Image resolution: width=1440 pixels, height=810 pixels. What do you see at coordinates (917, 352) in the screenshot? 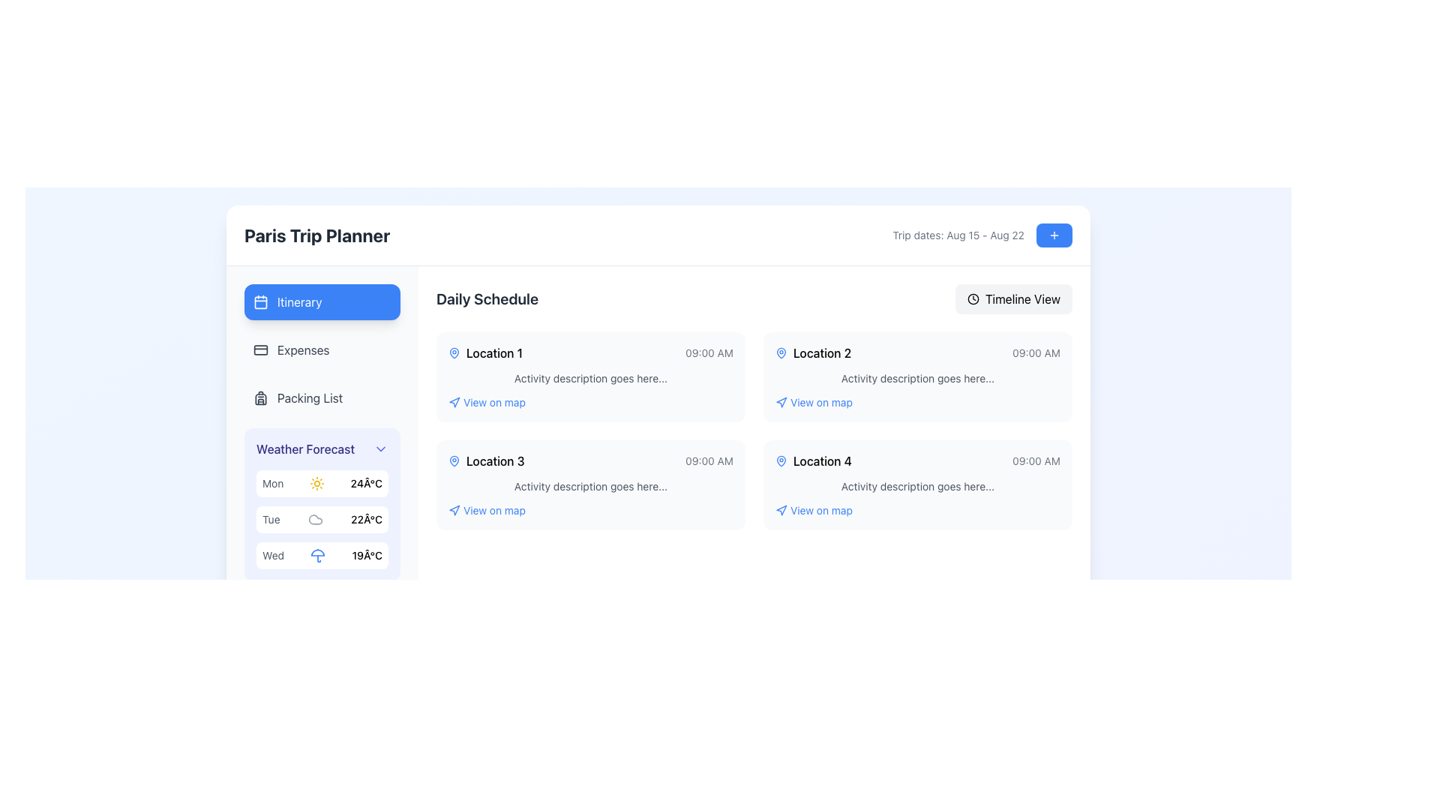
I see `the title and time display for the second location in the daily schedule, which is horizontally aligned with 'Location 2' and '09:00 AM'` at bounding box center [917, 352].